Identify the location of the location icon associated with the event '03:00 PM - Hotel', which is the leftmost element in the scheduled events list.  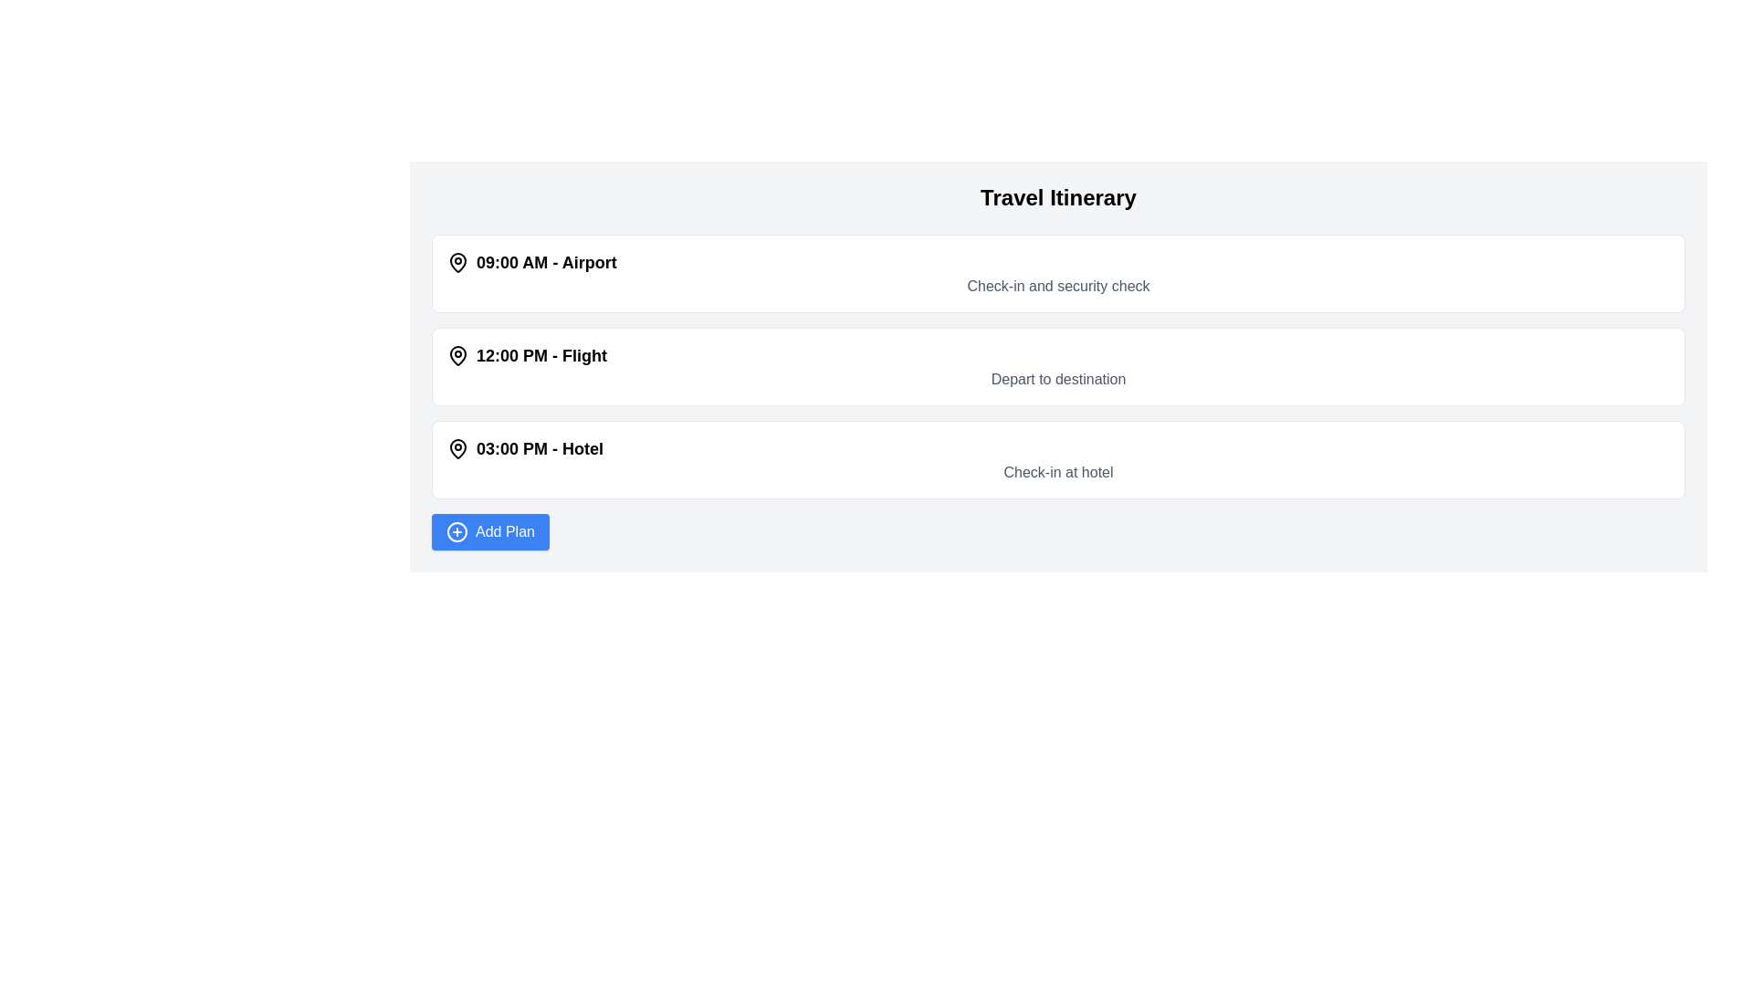
(458, 449).